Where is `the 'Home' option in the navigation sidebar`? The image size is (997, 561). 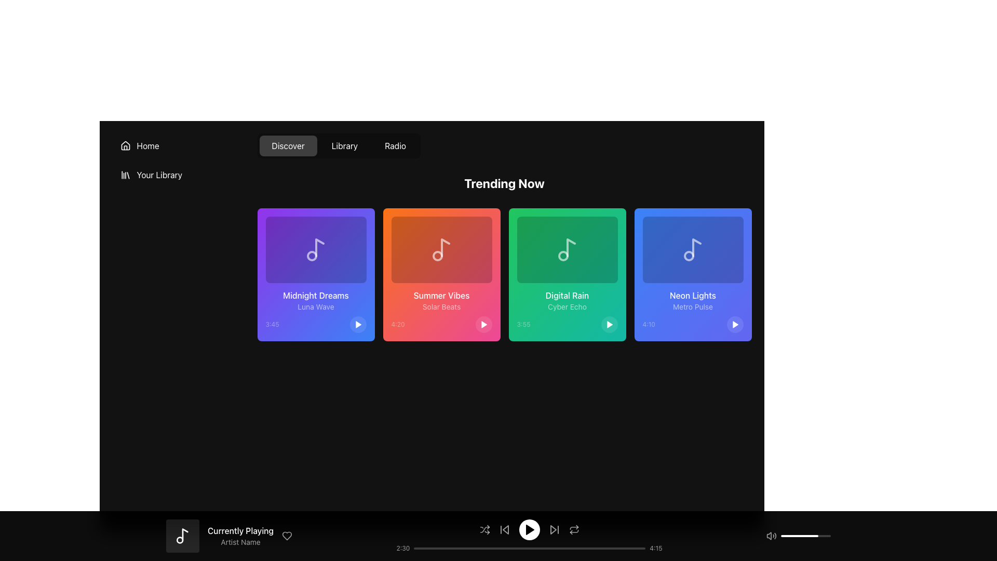
the 'Home' option in the navigation sidebar is located at coordinates (178, 237).